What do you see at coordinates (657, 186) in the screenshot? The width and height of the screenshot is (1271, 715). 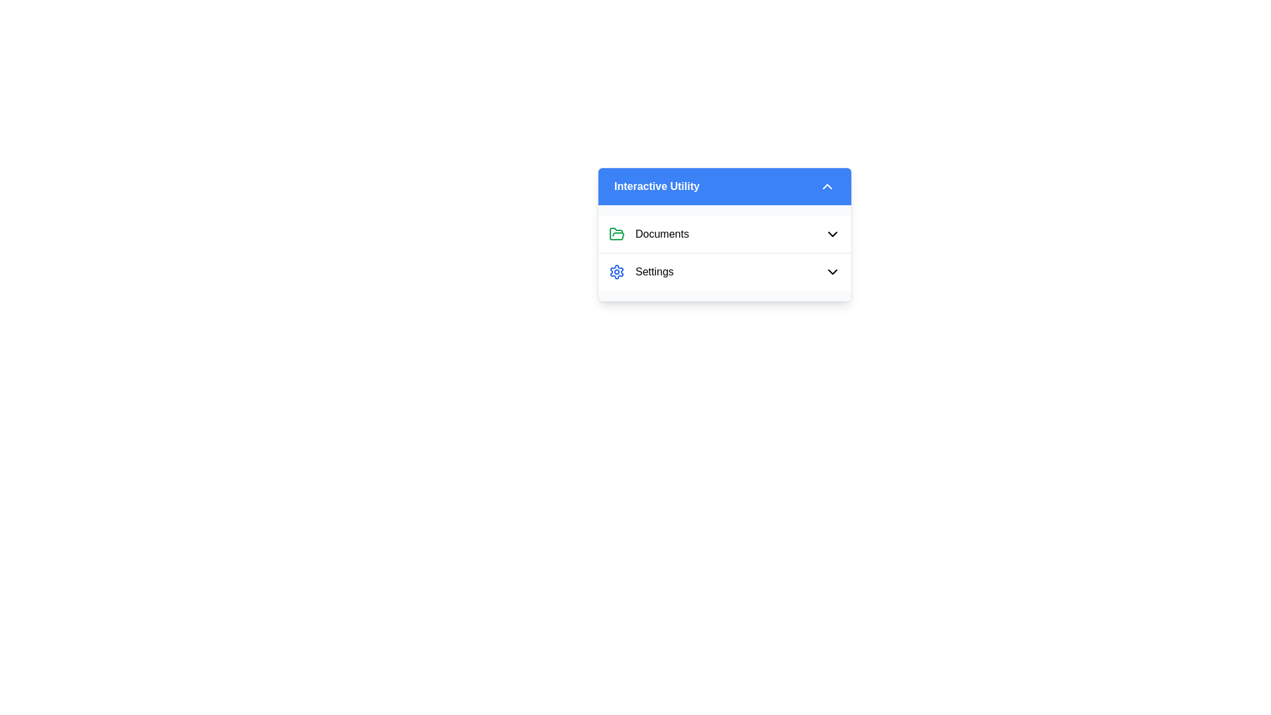 I see `the text label that serves as the title or descriptor for the collapsible section, which is visually aligned to the left of a downward-pointing arrow icon` at bounding box center [657, 186].